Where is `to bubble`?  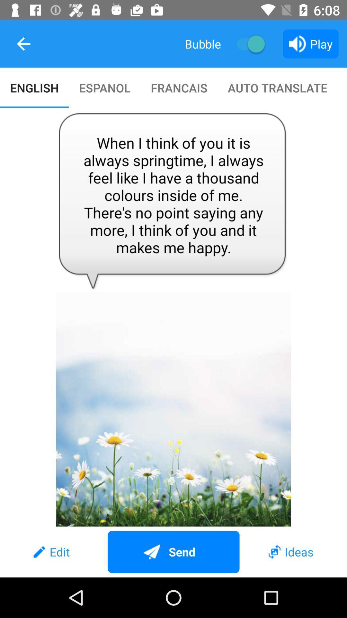 to bubble is located at coordinates (247, 43).